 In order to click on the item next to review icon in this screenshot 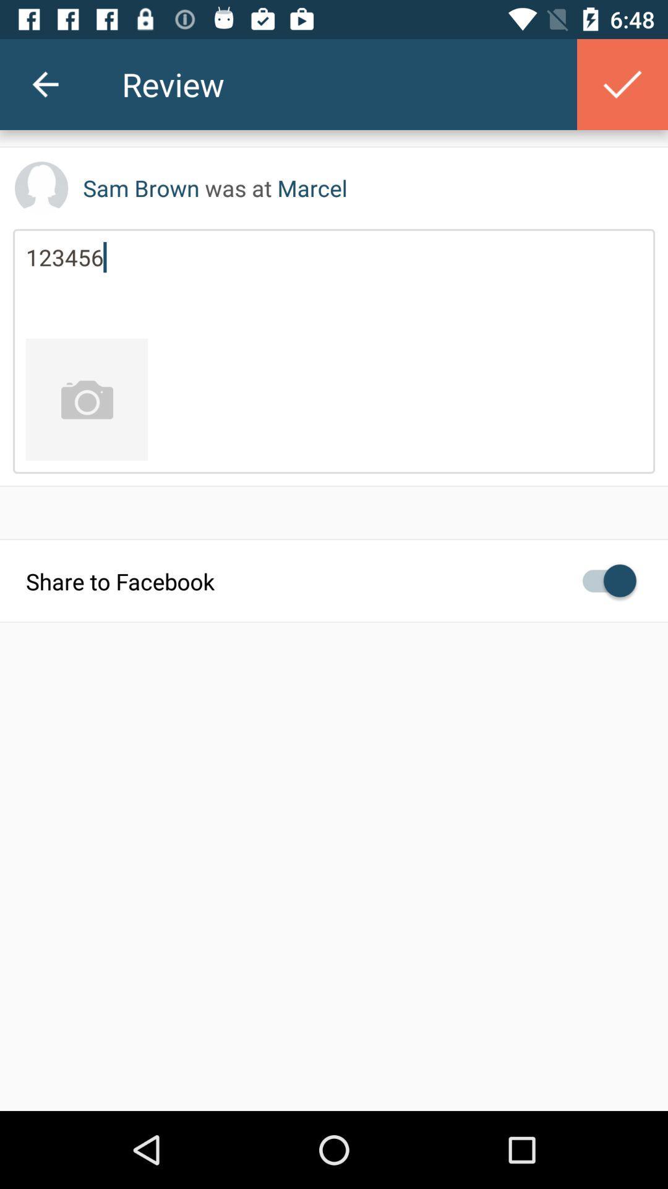, I will do `click(45, 84)`.